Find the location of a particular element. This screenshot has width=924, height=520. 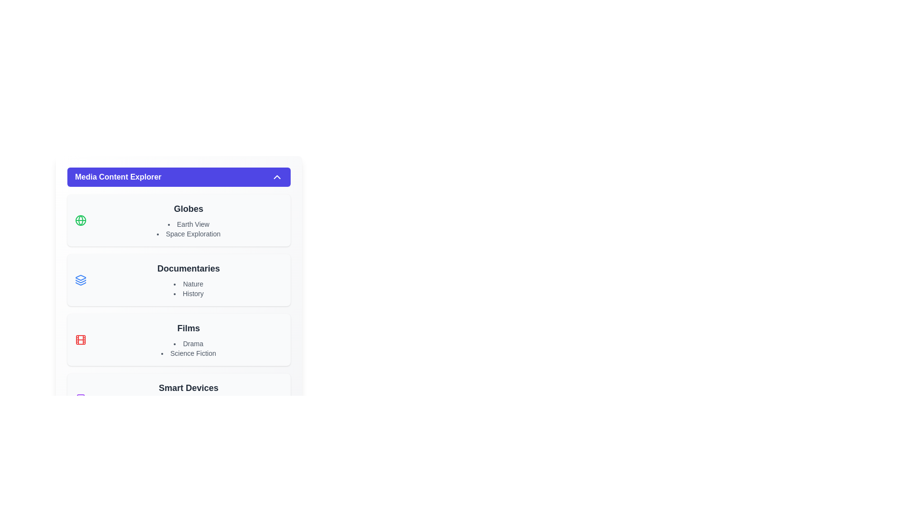

the Toggle Button labeled 'Media Content Explorer' with an indigo background is located at coordinates (179, 177).